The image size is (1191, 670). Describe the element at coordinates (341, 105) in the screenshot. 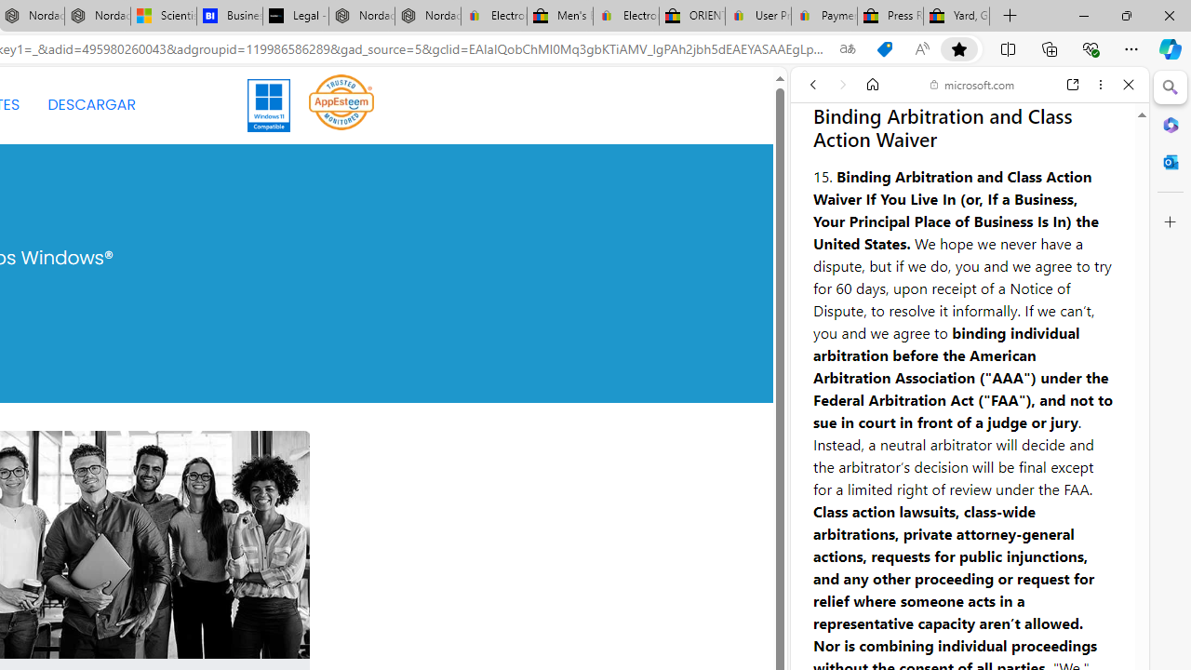

I see `'App Esteem'` at that location.